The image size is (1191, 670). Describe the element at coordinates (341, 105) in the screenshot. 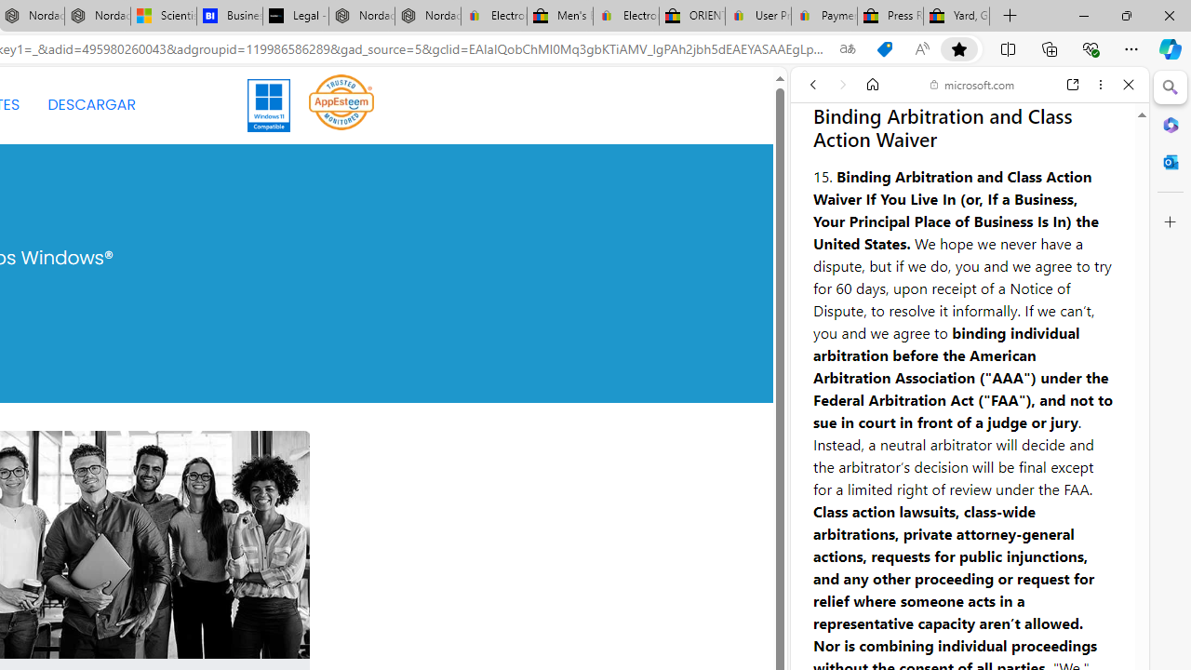

I see `'App Esteem'` at that location.